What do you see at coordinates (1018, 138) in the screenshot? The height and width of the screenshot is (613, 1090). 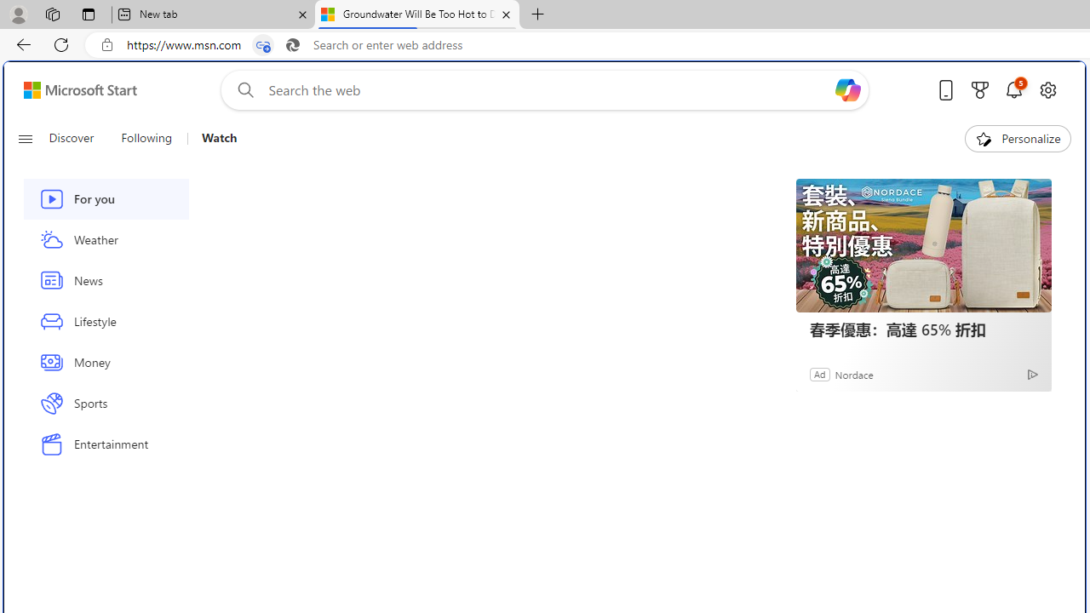 I see `'Personalize'` at bounding box center [1018, 138].